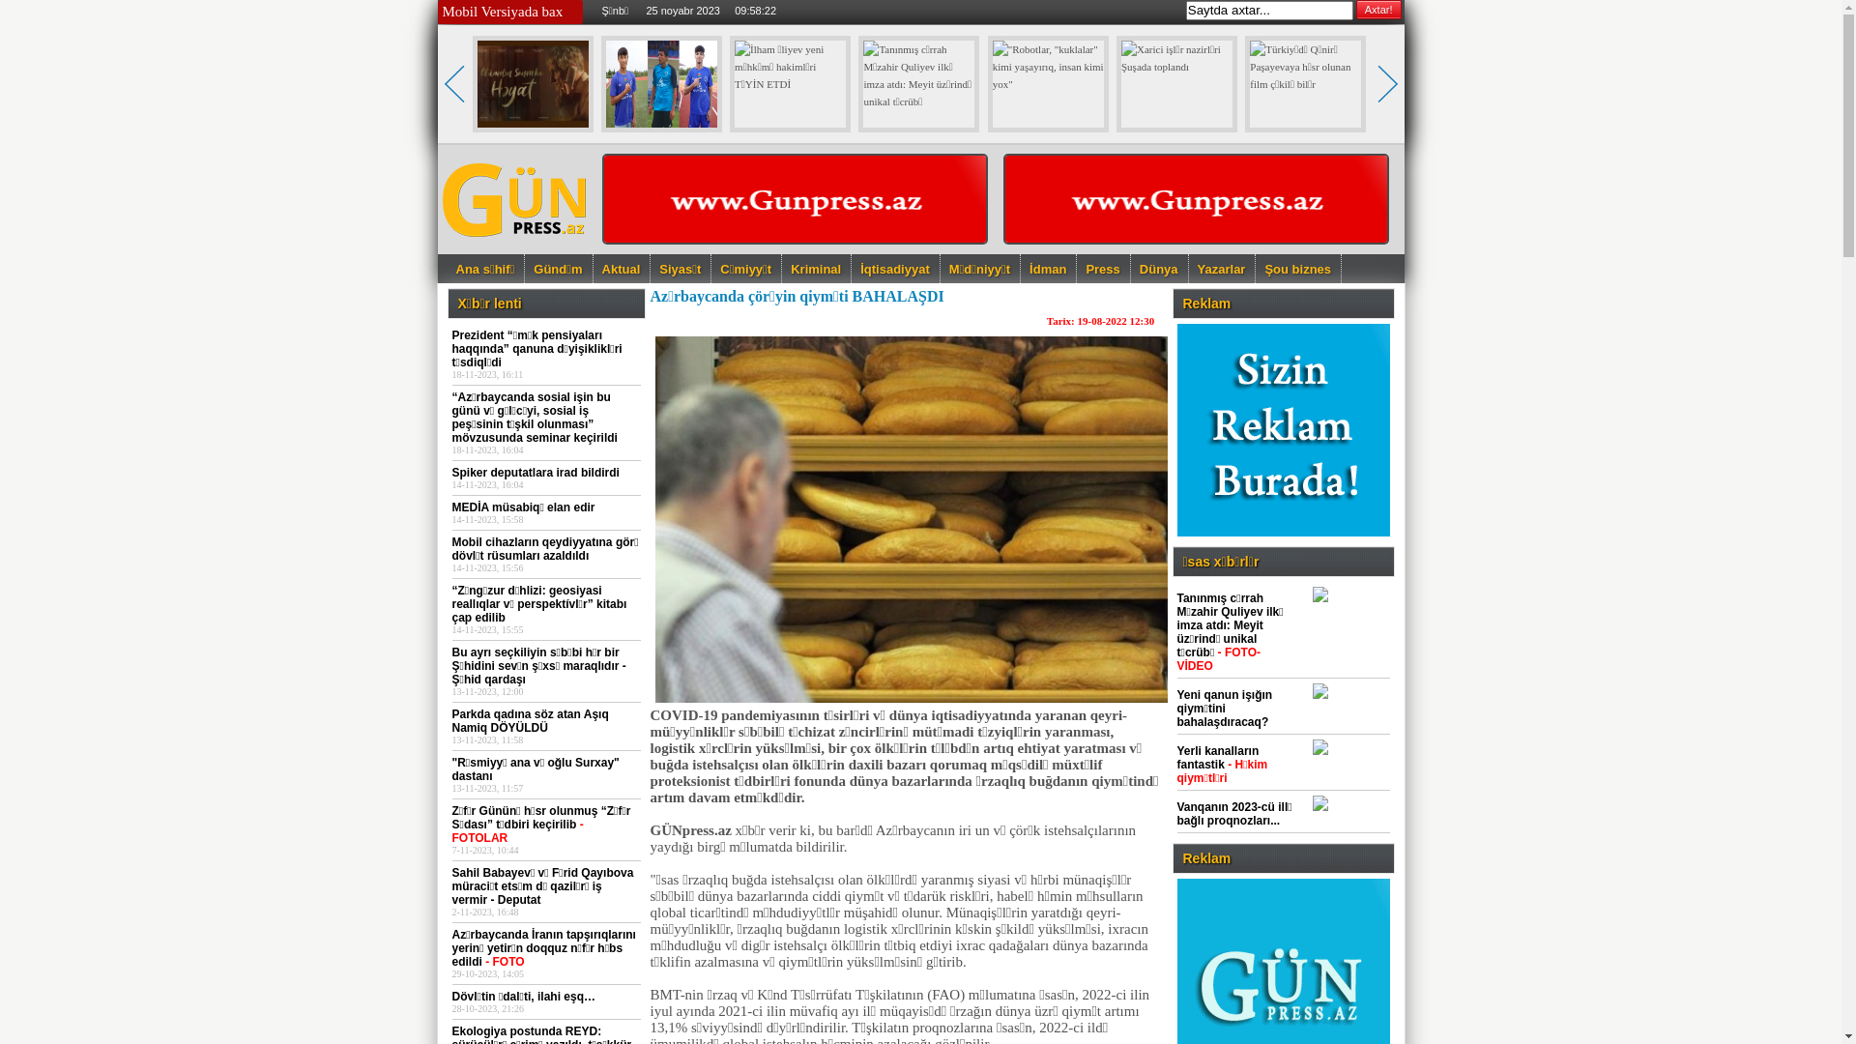 Image resolution: width=1856 pixels, height=1044 pixels. What do you see at coordinates (1269, 11) in the screenshot?
I see `'Saytda axtar...'` at bounding box center [1269, 11].